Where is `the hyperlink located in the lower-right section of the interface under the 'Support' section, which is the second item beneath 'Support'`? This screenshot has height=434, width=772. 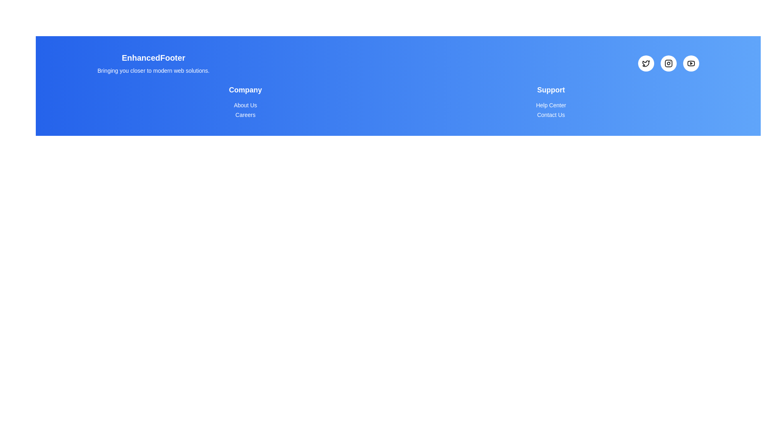 the hyperlink located in the lower-right section of the interface under the 'Support' section, which is the second item beneath 'Support' is located at coordinates (550, 115).